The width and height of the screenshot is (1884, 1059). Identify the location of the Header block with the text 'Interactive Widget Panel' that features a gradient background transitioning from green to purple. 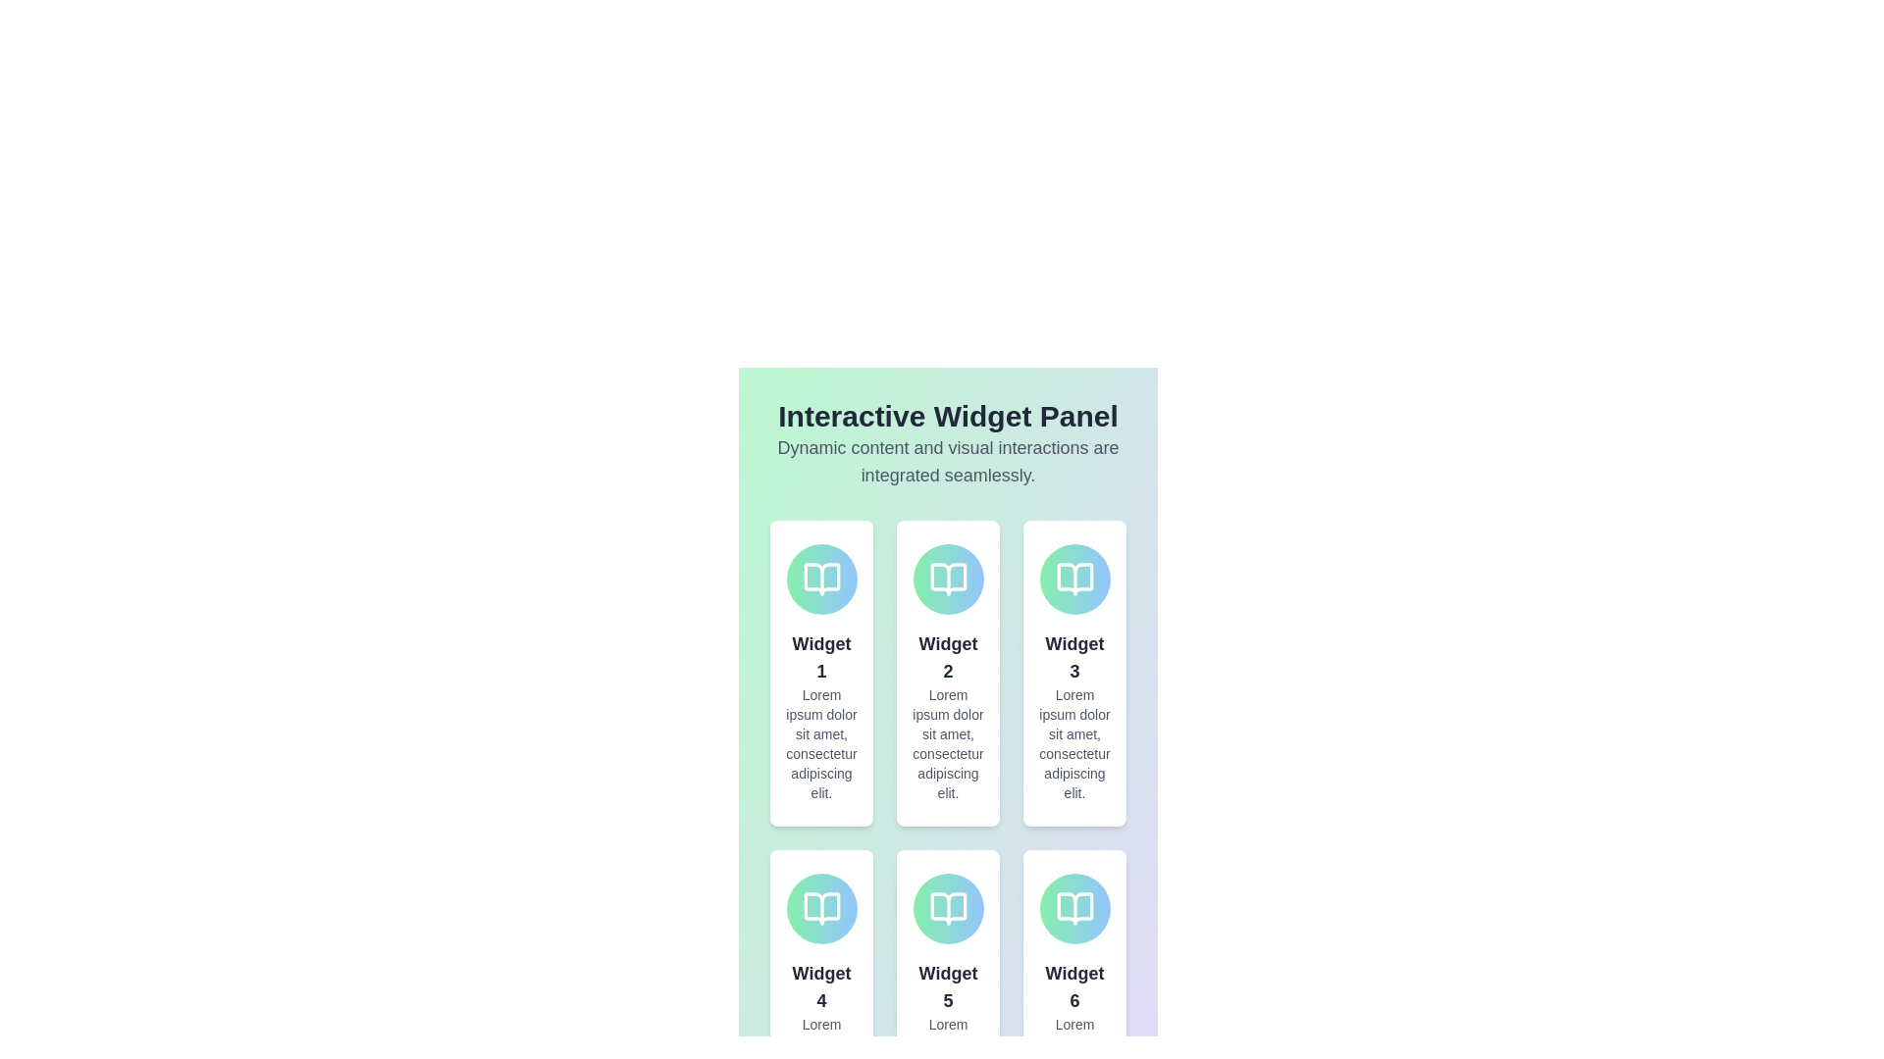
(948, 443).